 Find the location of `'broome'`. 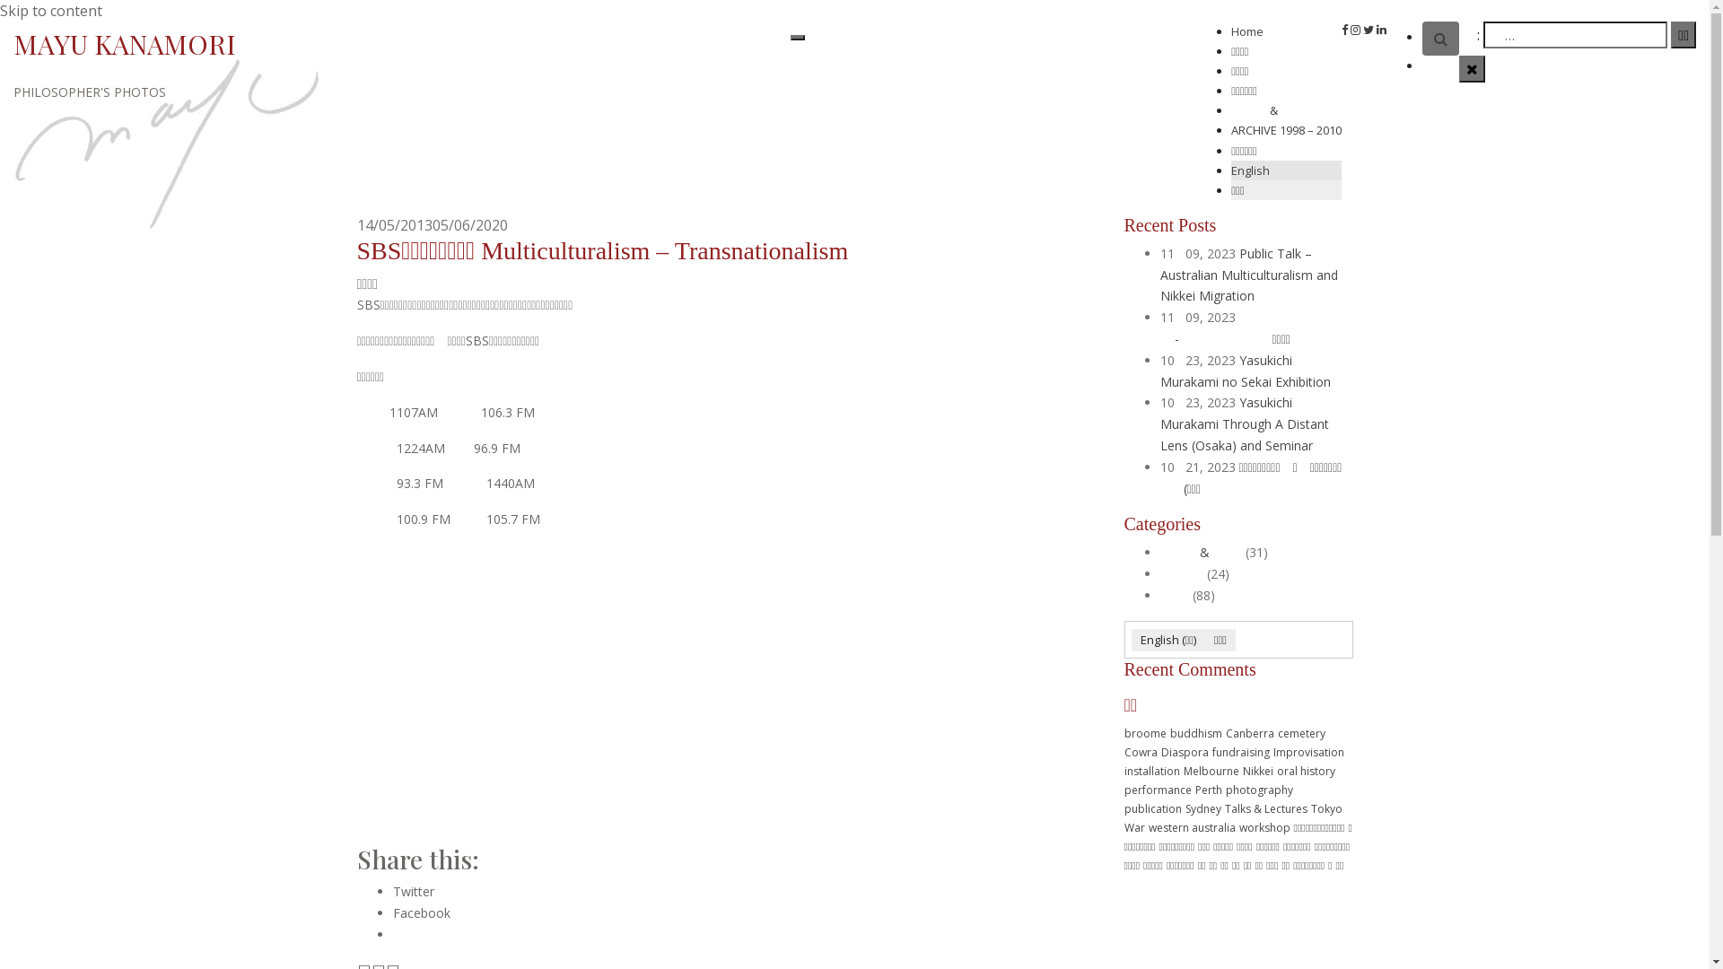

'broome' is located at coordinates (1123, 733).